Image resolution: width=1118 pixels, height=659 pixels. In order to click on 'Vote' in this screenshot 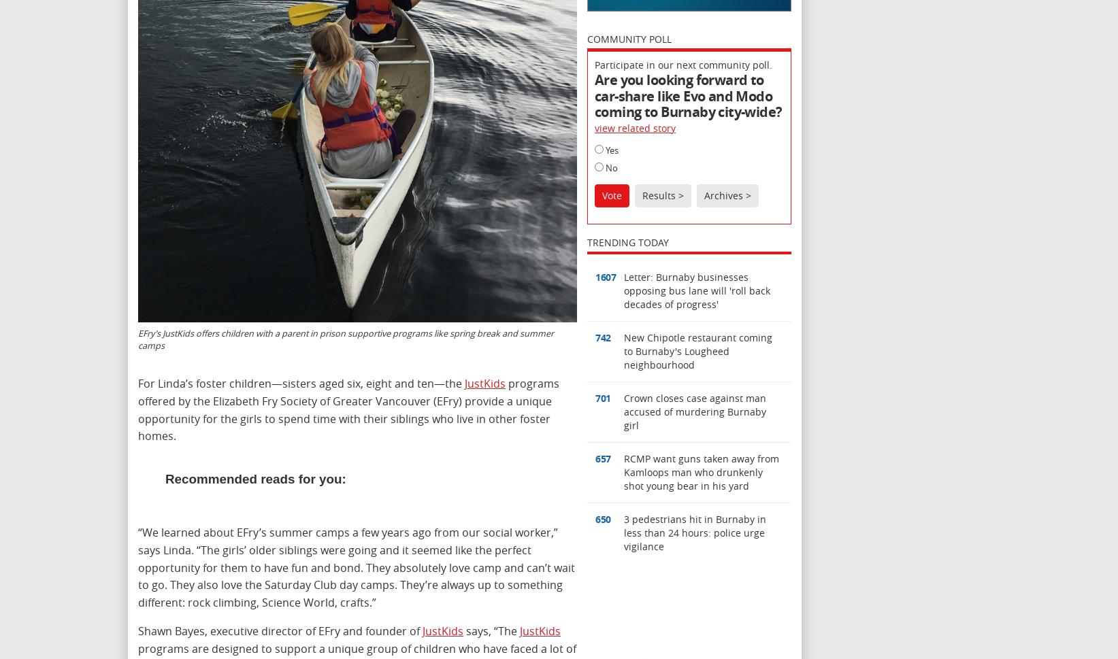, I will do `click(611, 195)`.